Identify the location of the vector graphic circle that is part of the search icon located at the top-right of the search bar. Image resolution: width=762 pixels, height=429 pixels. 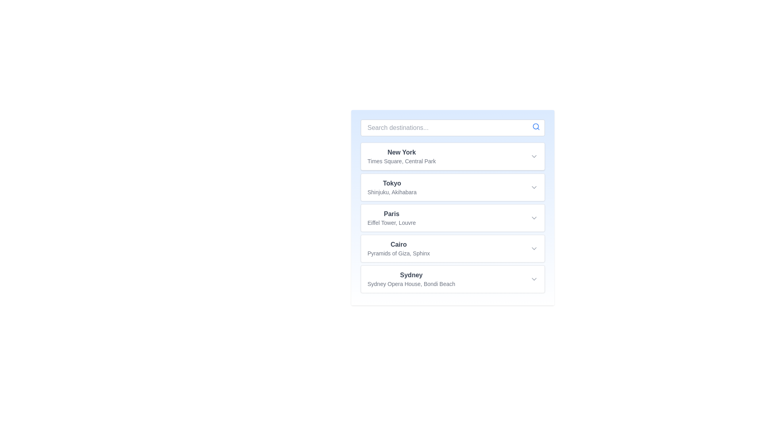
(536, 126).